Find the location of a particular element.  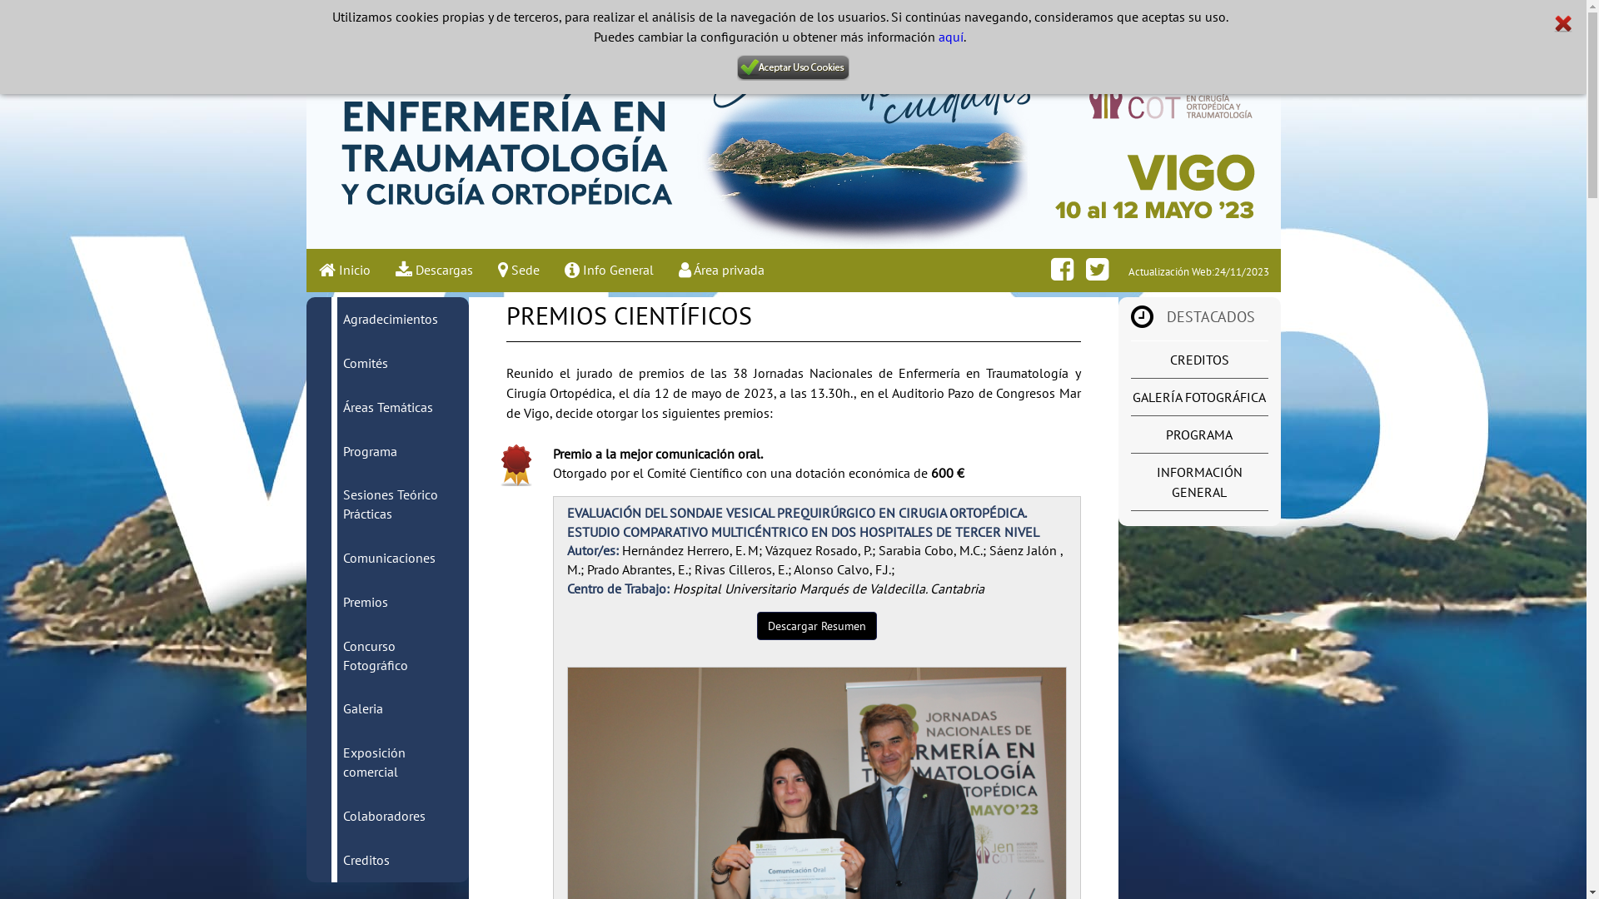

'Descargar Resumen' is located at coordinates (815, 626).